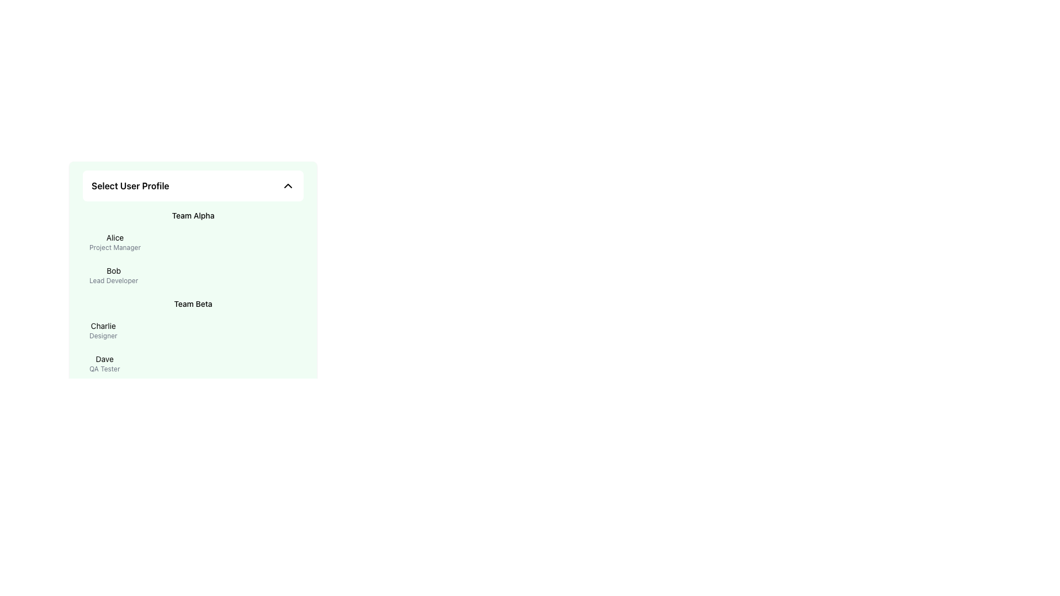 The height and width of the screenshot is (596, 1060). I want to click on the informational display area that shows the list of team members grouped under 'Team Alpha' and 'Team Beta' within the 'Select User Profile' panel, so click(193, 295).